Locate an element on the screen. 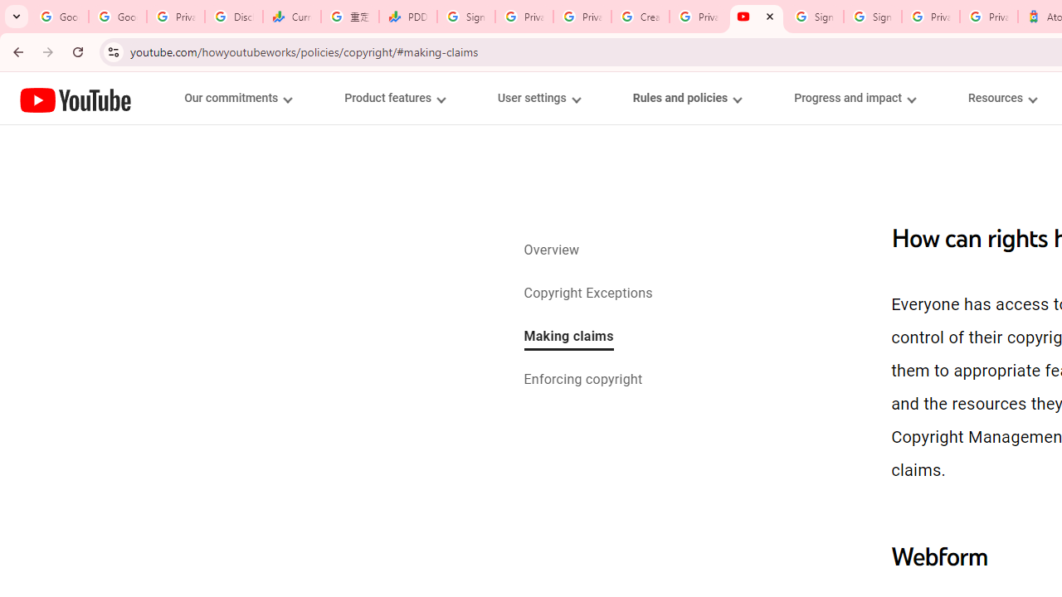 The height and width of the screenshot is (597, 1062). 'Sign in - Google Accounts' is located at coordinates (872, 17).